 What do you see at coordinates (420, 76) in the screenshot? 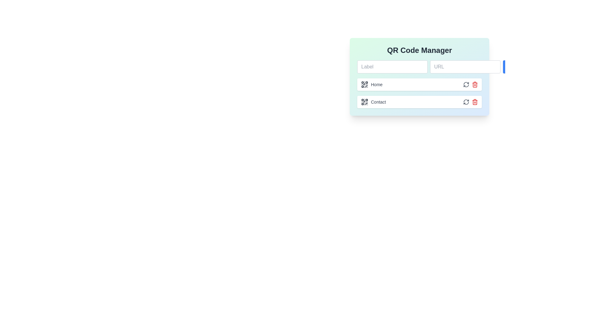
I see `the 'QR Code Manager' composite UI component, which features a gradient background and contains input fields and QR code items` at bounding box center [420, 76].